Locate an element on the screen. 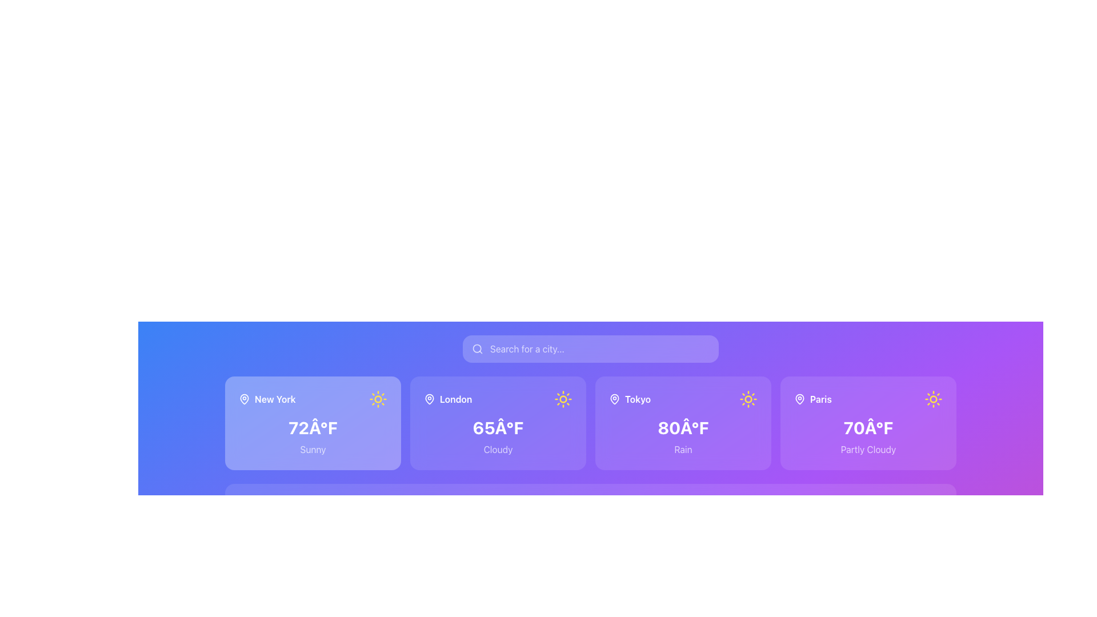 The width and height of the screenshot is (1097, 617). the text label displaying 'London' in white, styled with a bold font, which is positioned in the middle row of the weather information layout, specifically in the second card from the left is located at coordinates (455, 398).